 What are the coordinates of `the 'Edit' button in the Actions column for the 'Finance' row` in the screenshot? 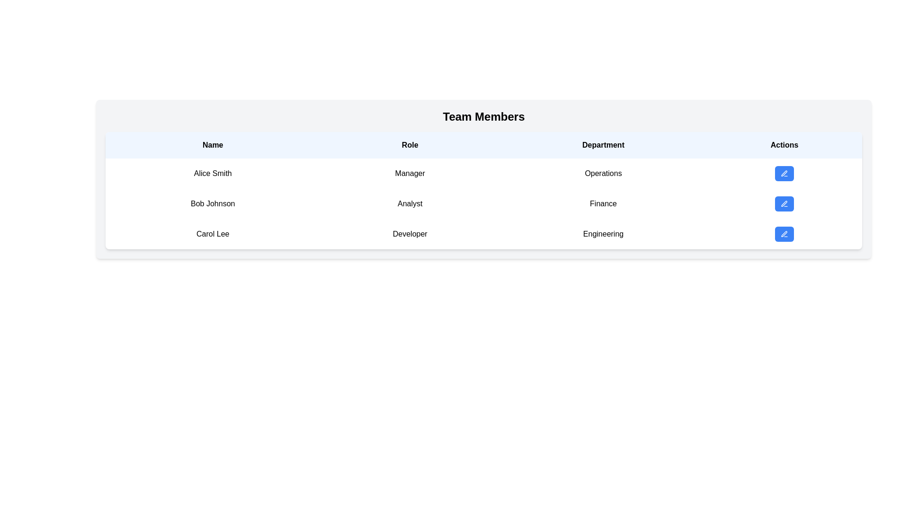 It's located at (784, 203).